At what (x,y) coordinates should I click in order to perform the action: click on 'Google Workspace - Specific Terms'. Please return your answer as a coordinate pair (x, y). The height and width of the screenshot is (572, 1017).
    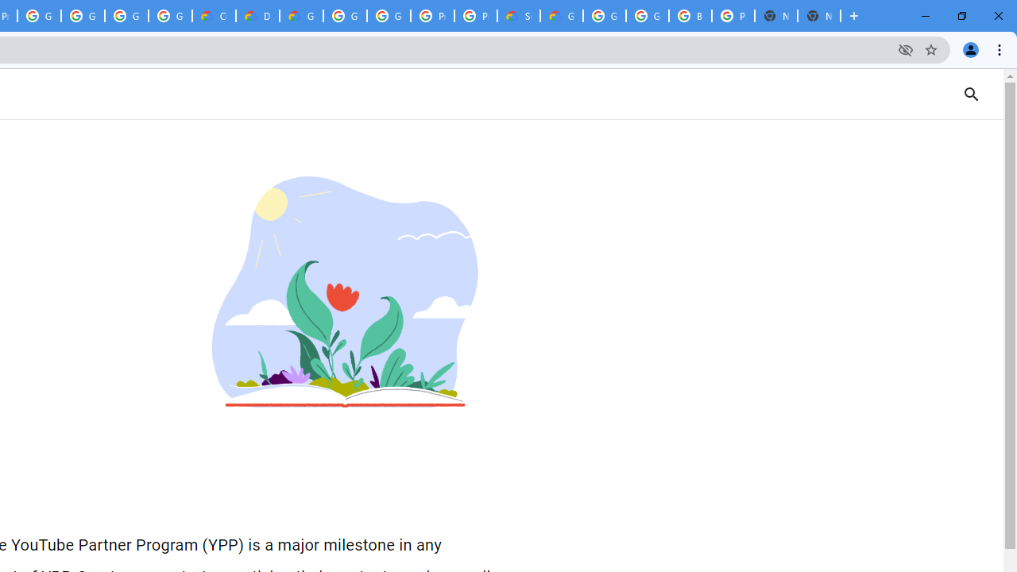
    Looking at the image, I should click on (126, 16).